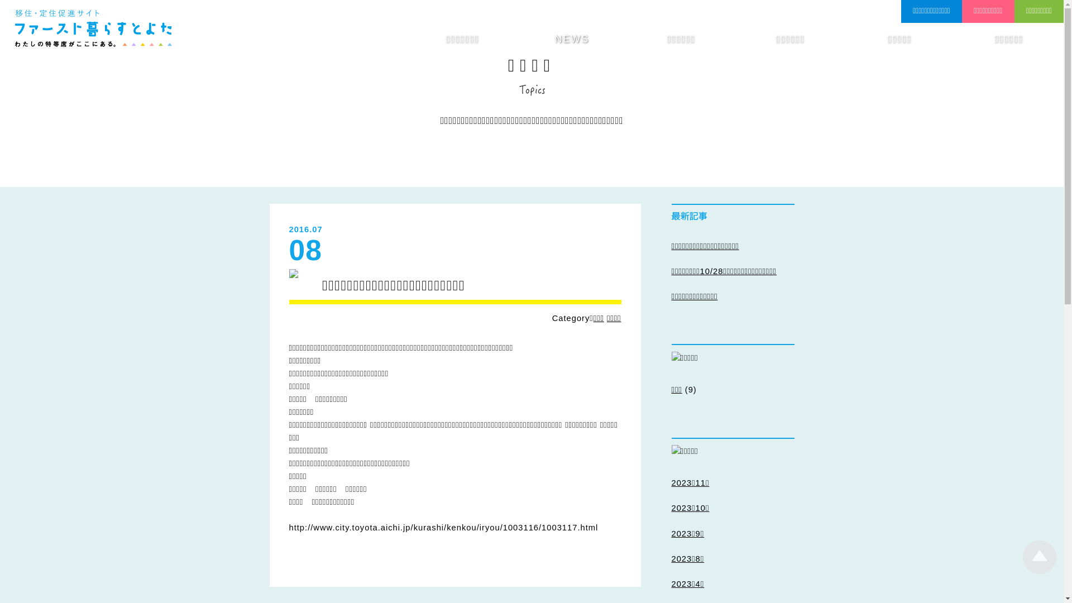 The height and width of the screenshot is (603, 1072). Describe the element at coordinates (571, 39) in the screenshot. I see `'NEWS'` at that location.